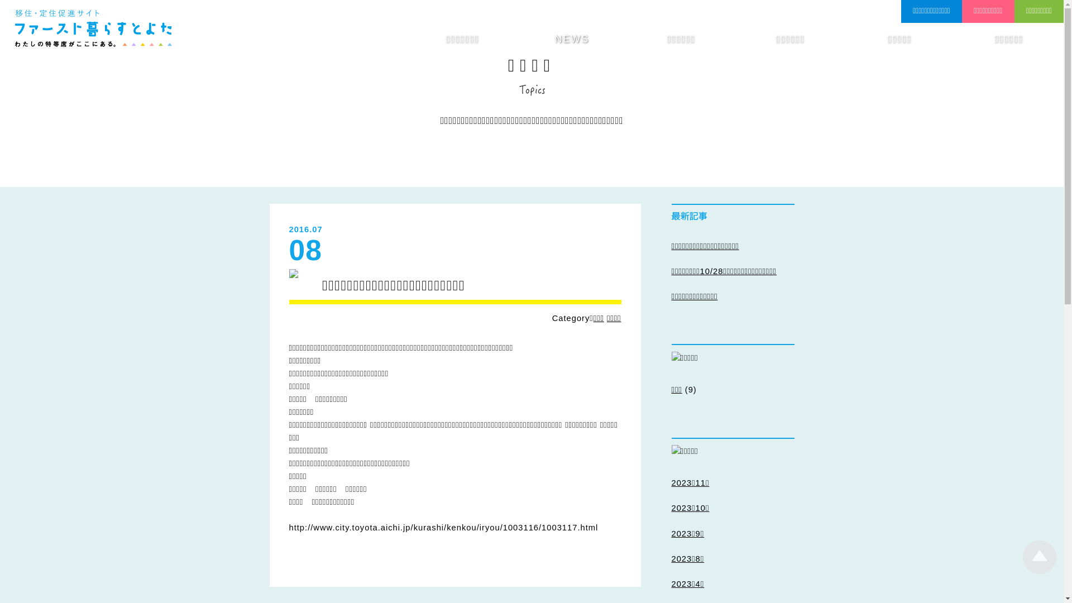 The height and width of the screenshot is (603, 1072). Describe the element at coordinates (571, 39) in the screenshot. I see `'NEWS'` at that location.